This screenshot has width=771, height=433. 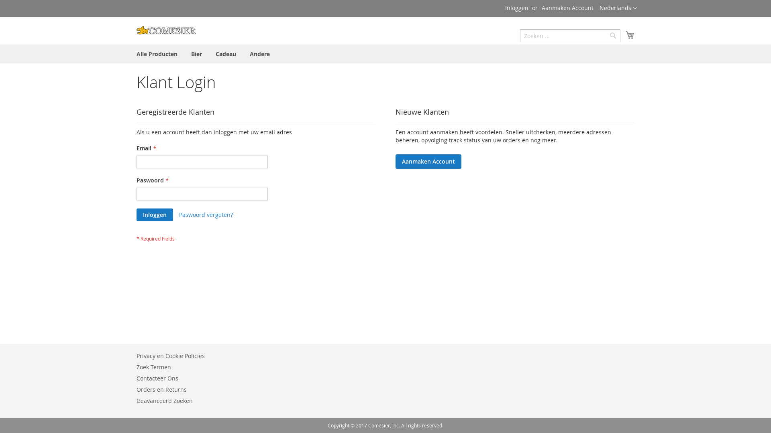 What do you see at coordinates (137, 162) in the screenshot?
I see `'Email'` at bounding box center [137, 162].